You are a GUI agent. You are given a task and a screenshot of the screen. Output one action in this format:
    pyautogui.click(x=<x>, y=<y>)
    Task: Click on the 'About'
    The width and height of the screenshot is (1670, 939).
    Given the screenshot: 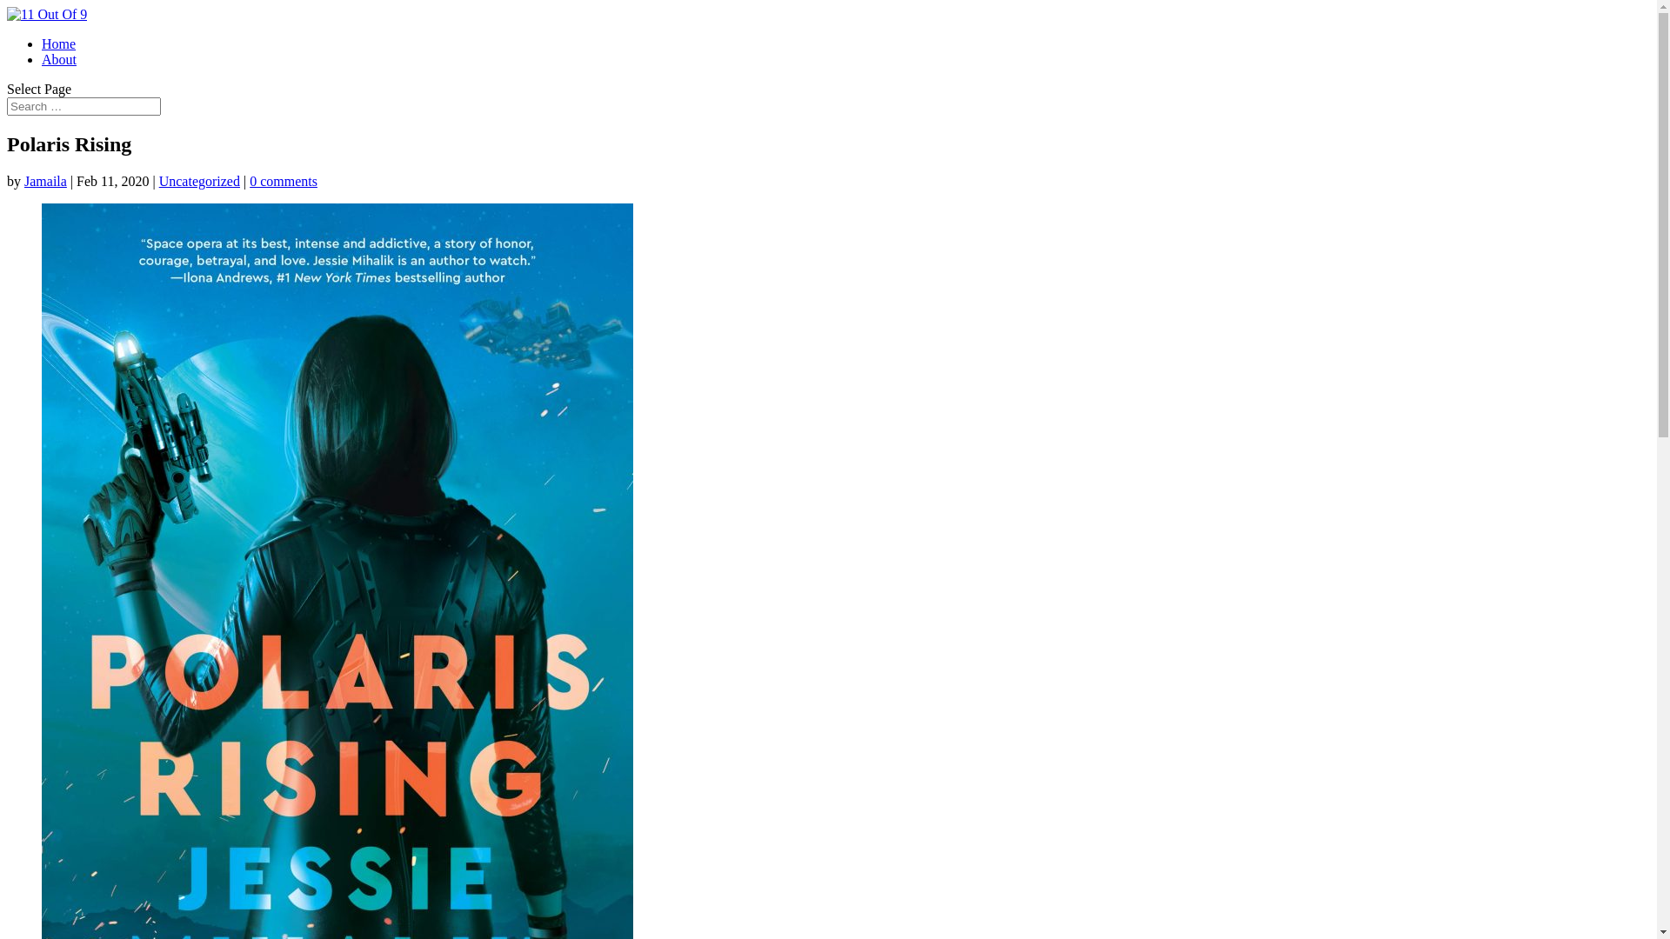 What is the action you would take?
    pyautogui.click(x=58, y=58)
    